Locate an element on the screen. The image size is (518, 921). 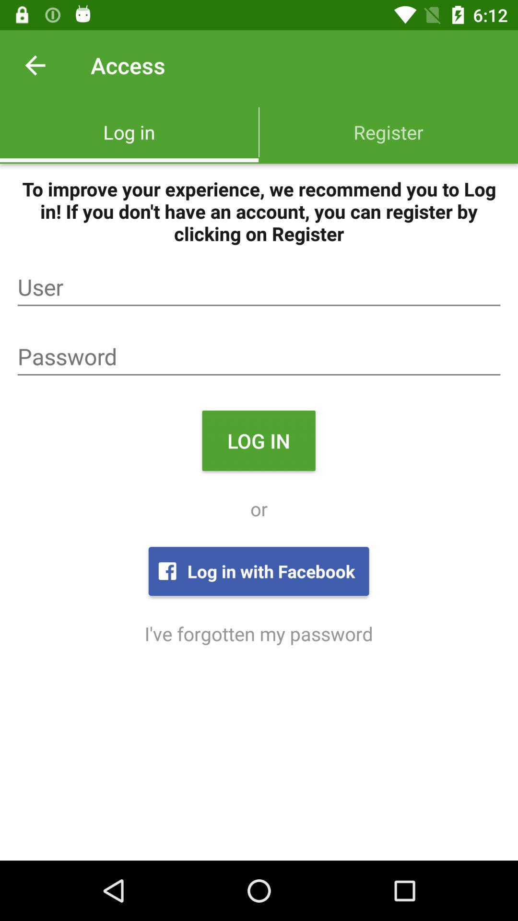
icon next to the access icon is located at coordinates (35, 65).